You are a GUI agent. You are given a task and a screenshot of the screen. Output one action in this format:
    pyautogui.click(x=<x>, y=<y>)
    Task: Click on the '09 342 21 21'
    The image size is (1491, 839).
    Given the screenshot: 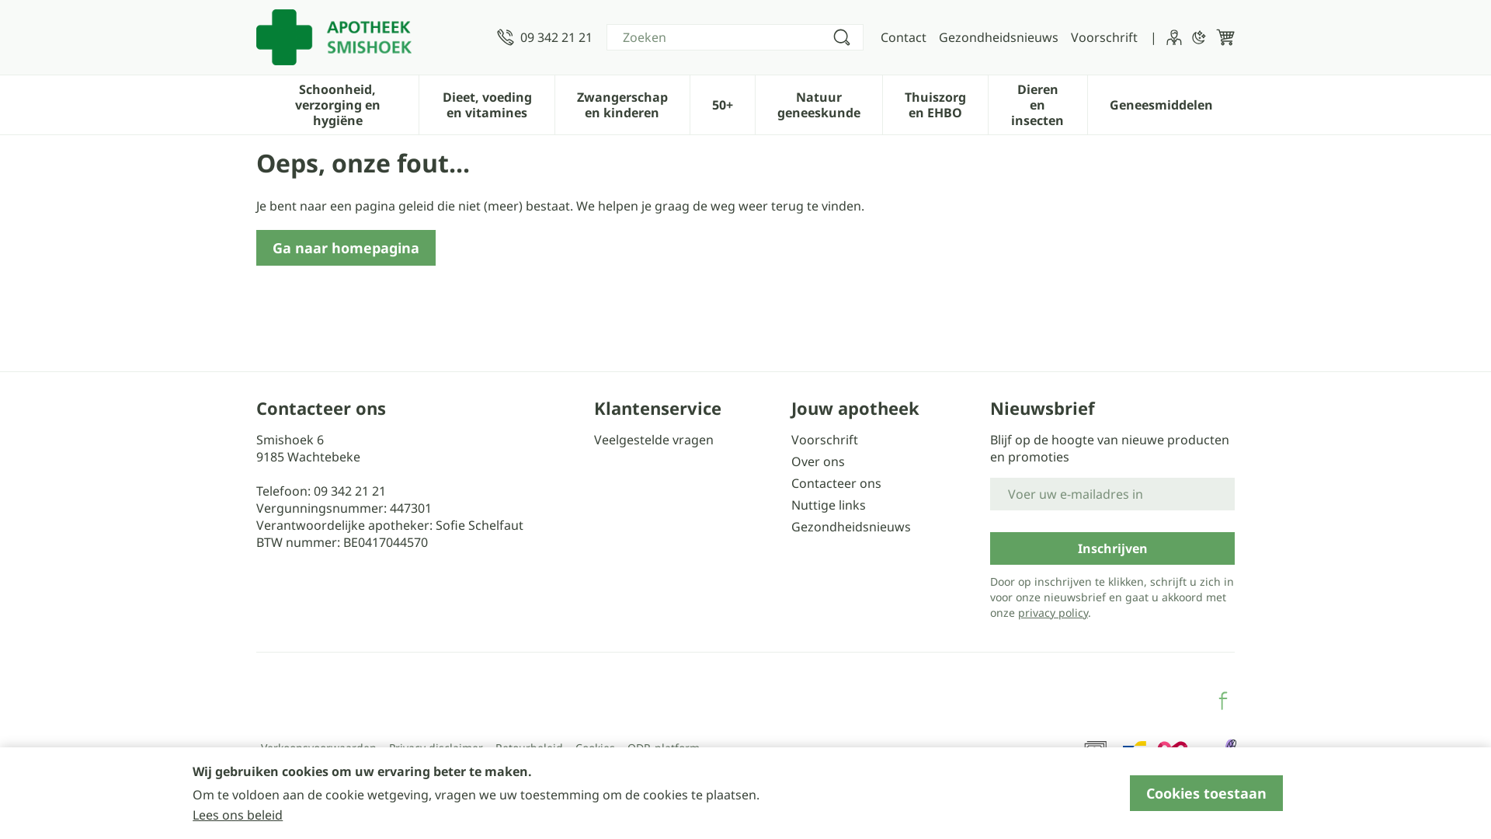 What is the action you would take?
    pyautogui.click(x=544, y=36)
    